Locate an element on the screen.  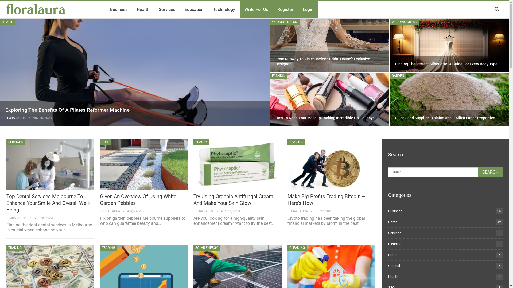
'BEAUTY' is located at coordinates (193, 142).